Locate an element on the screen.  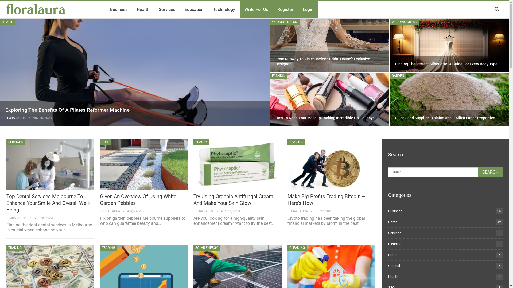
'BEAUTY' is located at coordinates (193, 142).